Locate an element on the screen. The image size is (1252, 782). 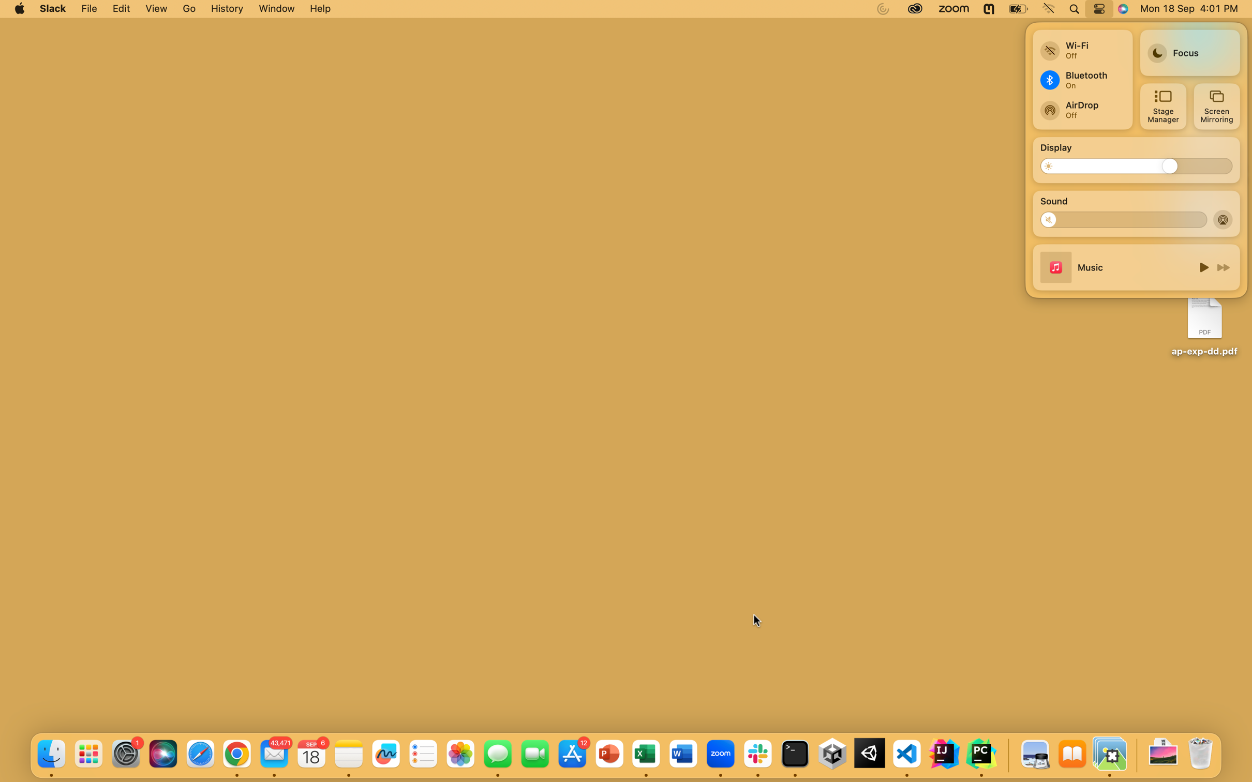
the volume to the lowest level is located at coordinates (1053, 219).